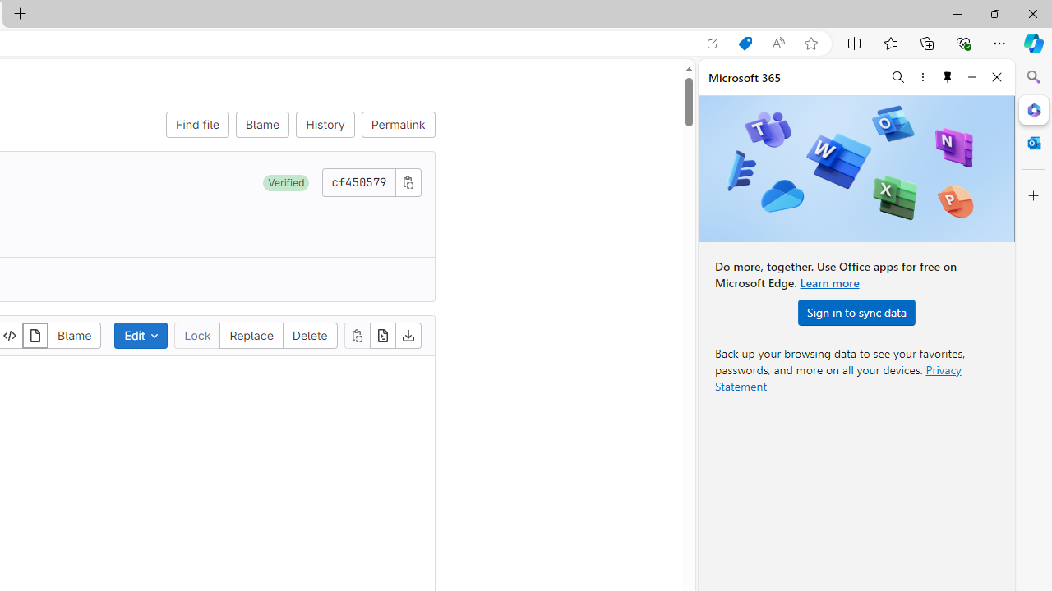  I want to click on 'Open in app', so click(713, 43).